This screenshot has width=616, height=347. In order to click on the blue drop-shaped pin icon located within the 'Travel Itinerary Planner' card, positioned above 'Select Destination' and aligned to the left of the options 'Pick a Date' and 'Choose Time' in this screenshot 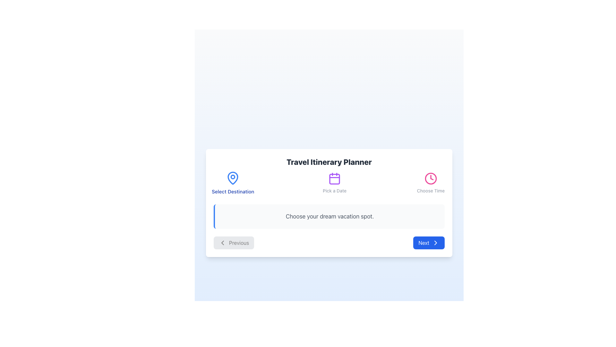, I will do `click(233, 178)`.